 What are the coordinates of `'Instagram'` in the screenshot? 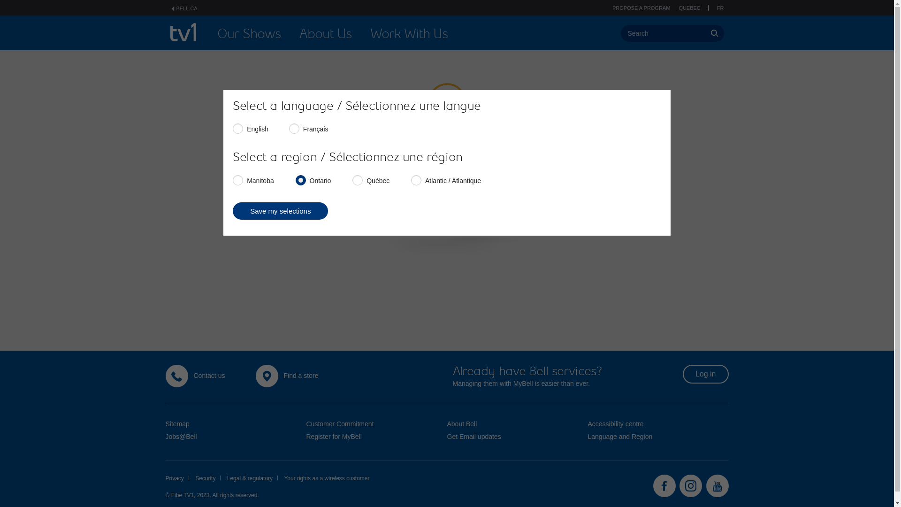 It's located at (691, 485).